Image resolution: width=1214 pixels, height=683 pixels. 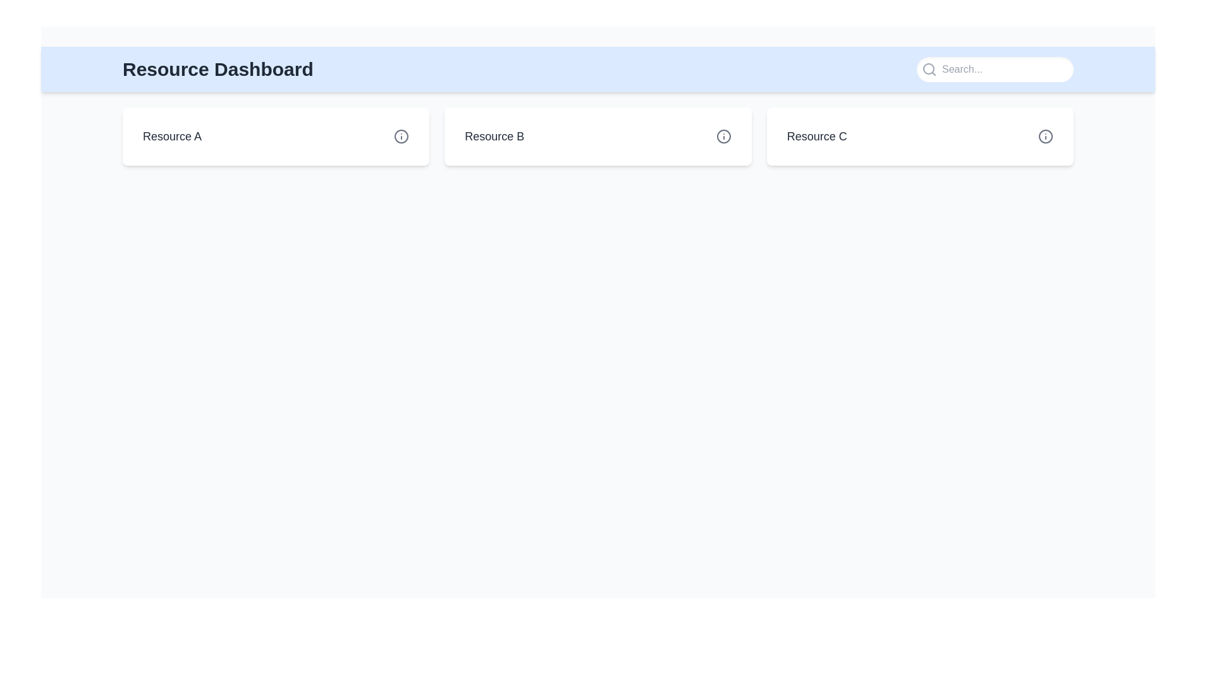 What do you see at coordinates (494, 137) in the screenshot?
I see `the text label displaying 'Resource B' in bold dark gray` at bounding box center [494, 137].